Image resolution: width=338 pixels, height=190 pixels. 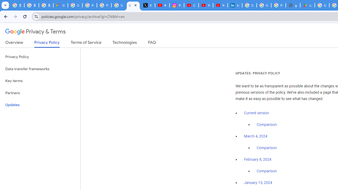 What do you see at coordinates (90, 5) in the screenshot?
I see `'Privacy Help Center - Policies Help'` at bounding box center [90, 5].